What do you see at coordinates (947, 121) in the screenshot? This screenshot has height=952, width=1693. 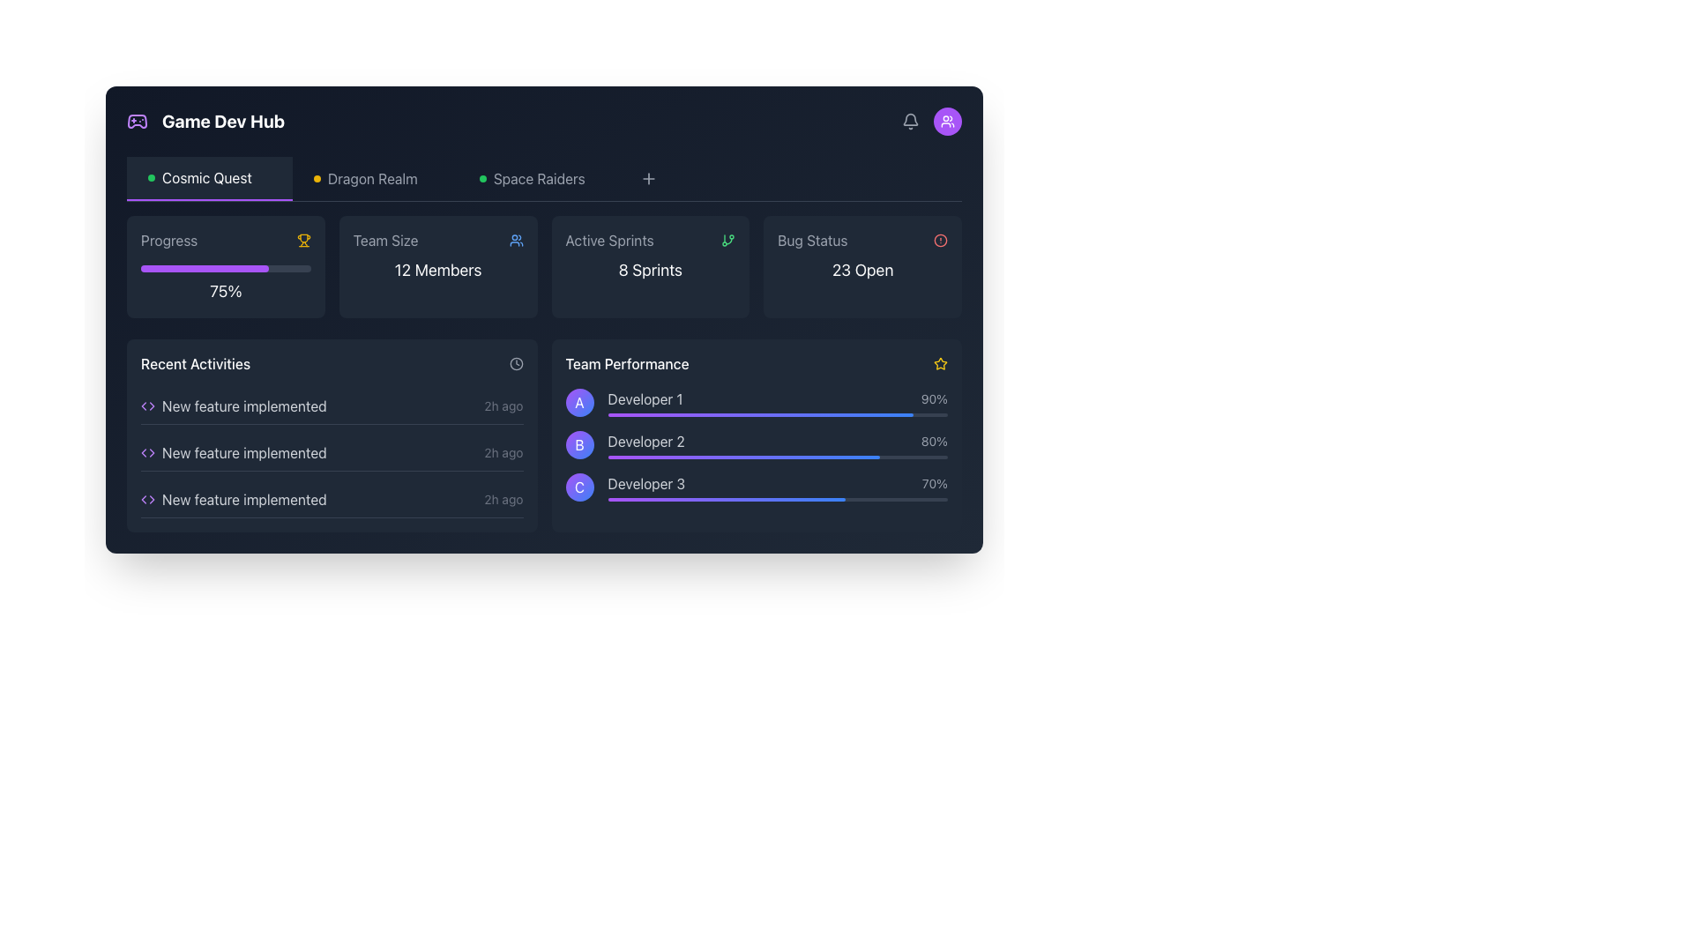 I see `the small icon resembling a group of people on a vibrant purple circular background located in the top-right corner of the interface, directly under the notification icon` at bounding box center [947, 121].